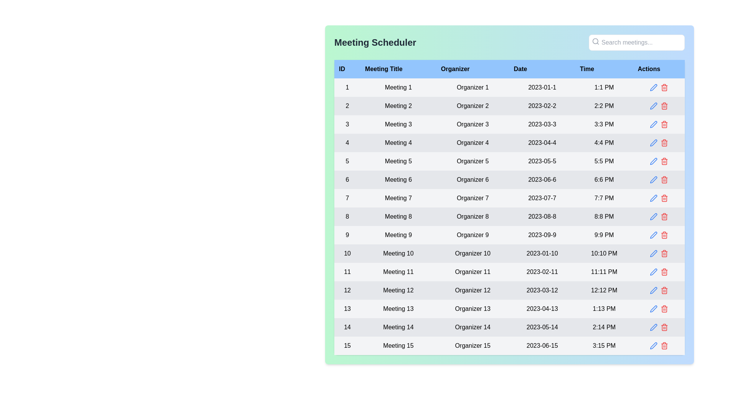 Image resolution: width=737 pixels, height=415 pixels. I want to click on text from the Text Label displaying 'Organizer 1' located in the third column of the first row under the 'Organizer' header, so click(472, 87).